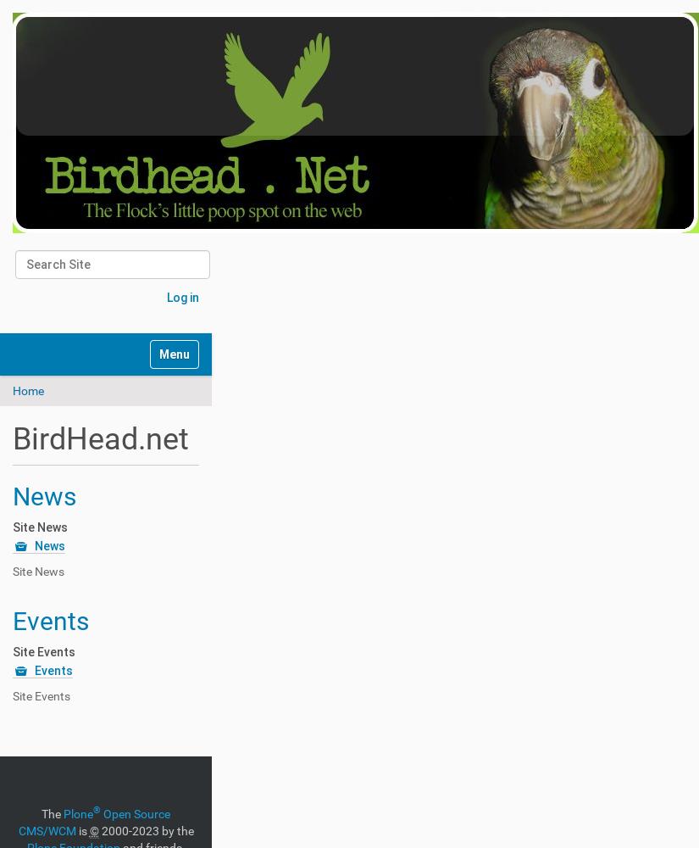 This screenshot has height=848, width=699. Describe the element at coordinates (146, 829) in the screenshot. I see `'2000-2023 by the'` at that location.